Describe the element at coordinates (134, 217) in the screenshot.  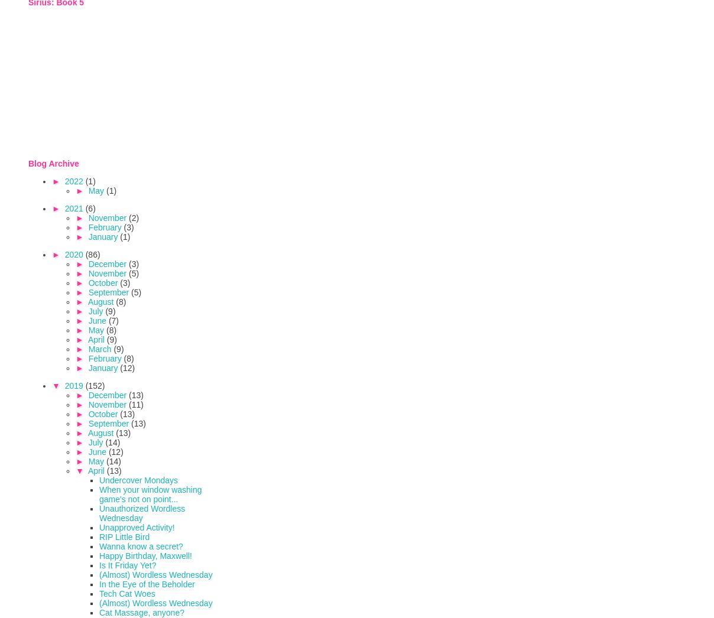
I see `'(2)'` at that location.